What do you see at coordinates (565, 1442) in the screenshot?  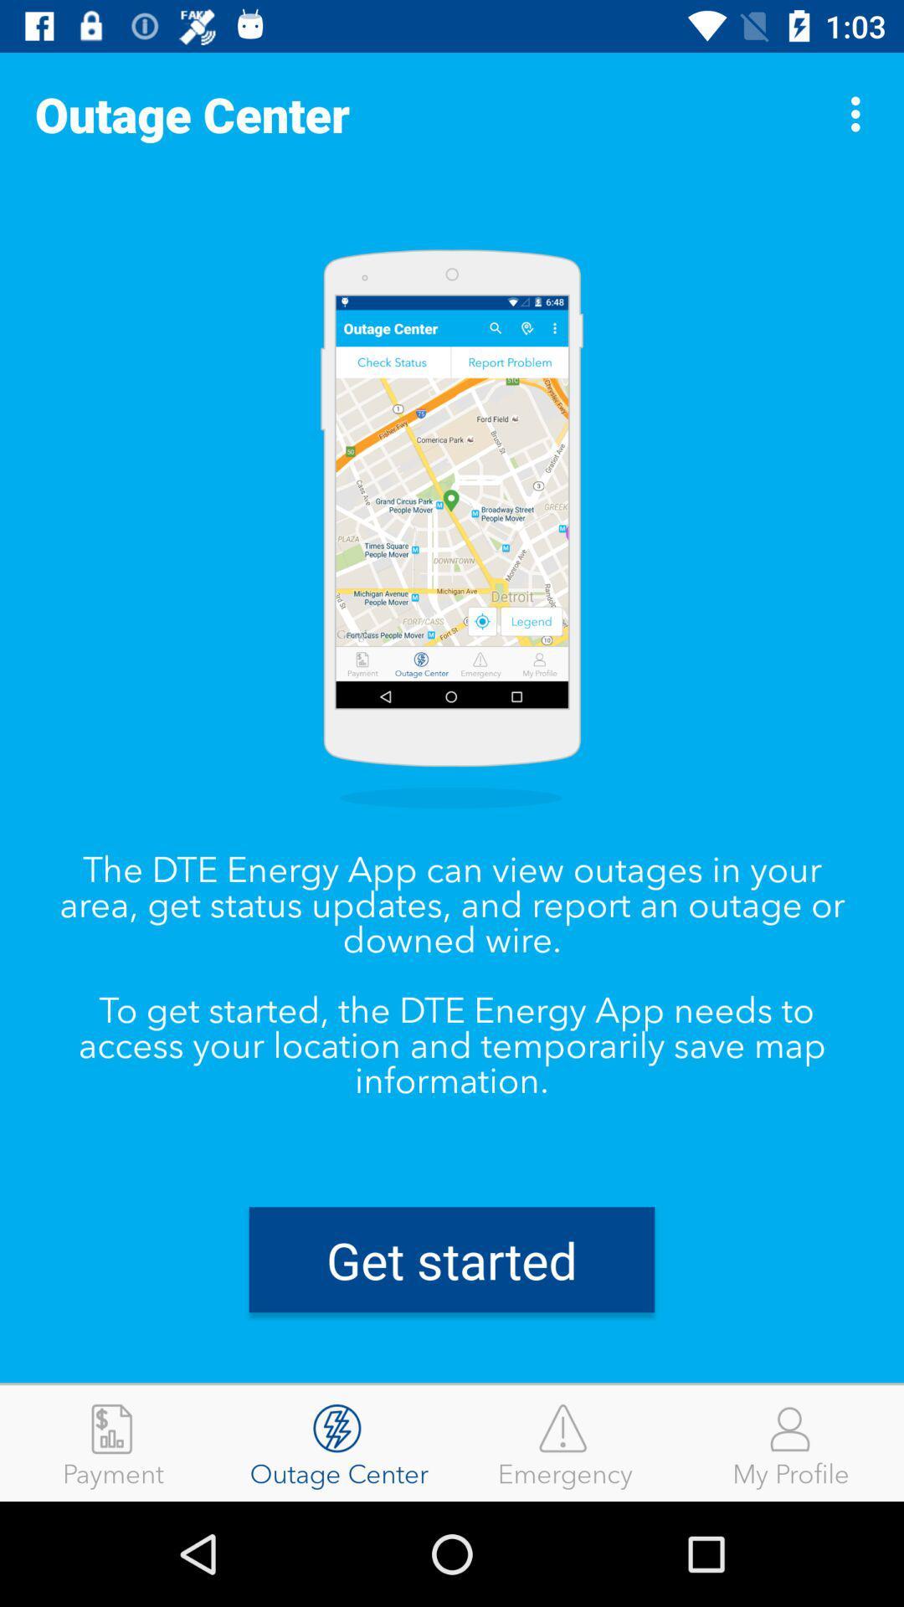 I see `emergency item` at bounding box center [565, 1442].